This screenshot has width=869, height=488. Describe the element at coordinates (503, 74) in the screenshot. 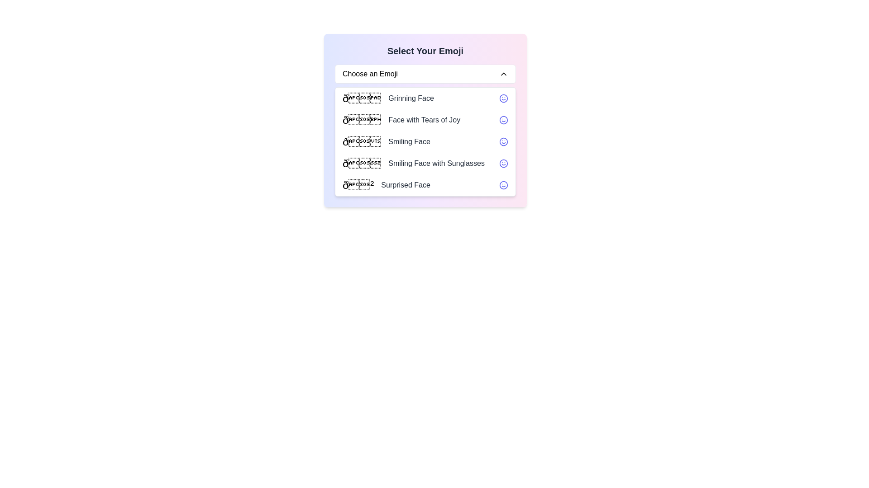

I see `the button located at the far right of the header bar that allows users` at that location.